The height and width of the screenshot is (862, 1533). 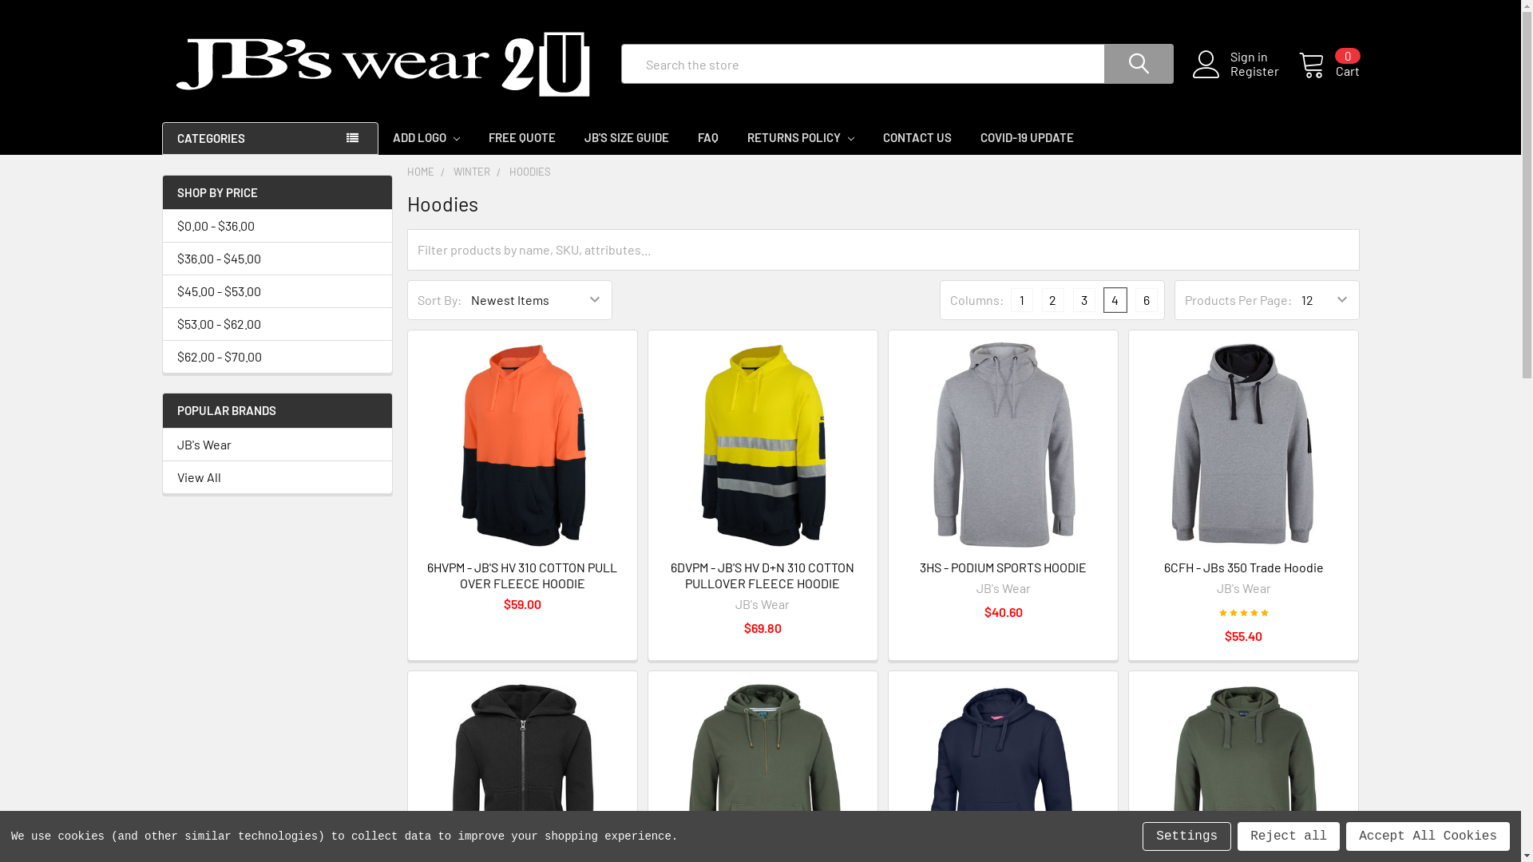 I want to click on '$0.00 - $36.00', so click(x=277, y=225).